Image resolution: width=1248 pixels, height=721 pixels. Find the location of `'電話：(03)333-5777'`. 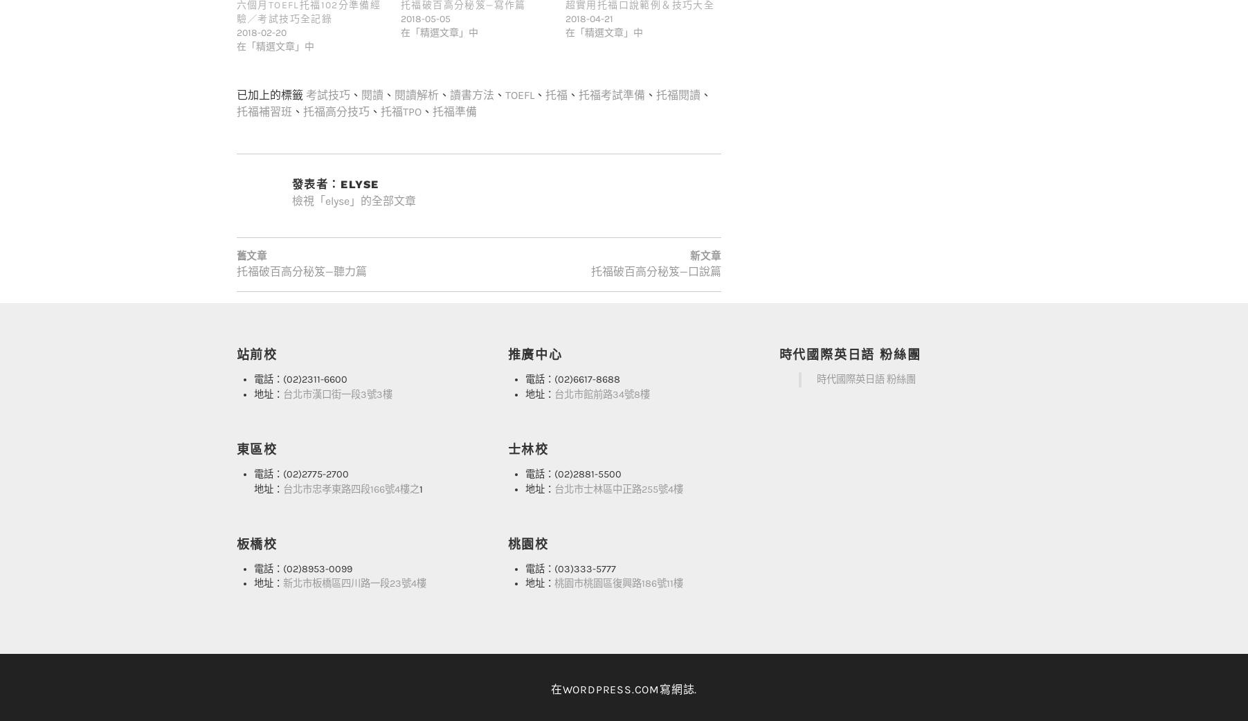

'電話：(03)333-5777' is located at coordinates (569, 540).